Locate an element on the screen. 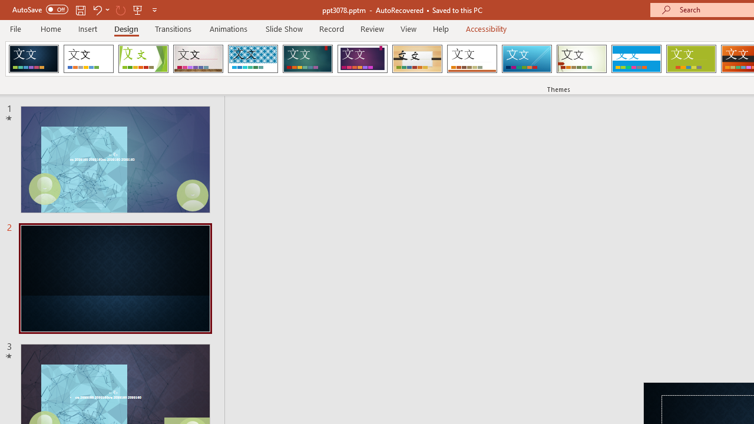  'Integral' is located at coordinates (252, 59).